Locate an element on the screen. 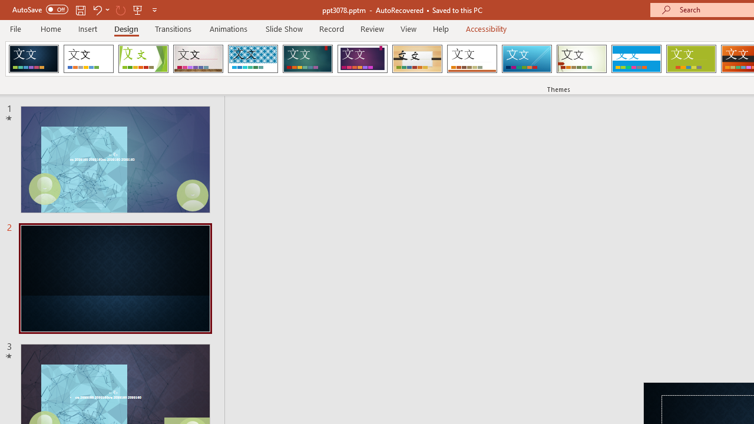  'Integral' is located at coordinates (252, 59).